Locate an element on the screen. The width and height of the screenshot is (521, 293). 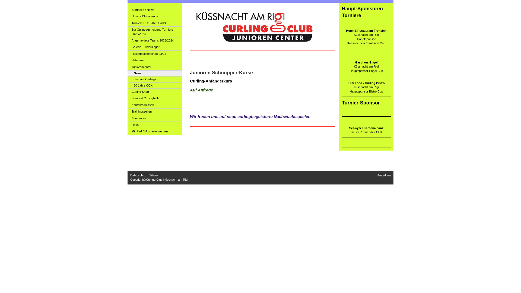
'Standort Curlinghalle' is located at coordinates (154, 98).